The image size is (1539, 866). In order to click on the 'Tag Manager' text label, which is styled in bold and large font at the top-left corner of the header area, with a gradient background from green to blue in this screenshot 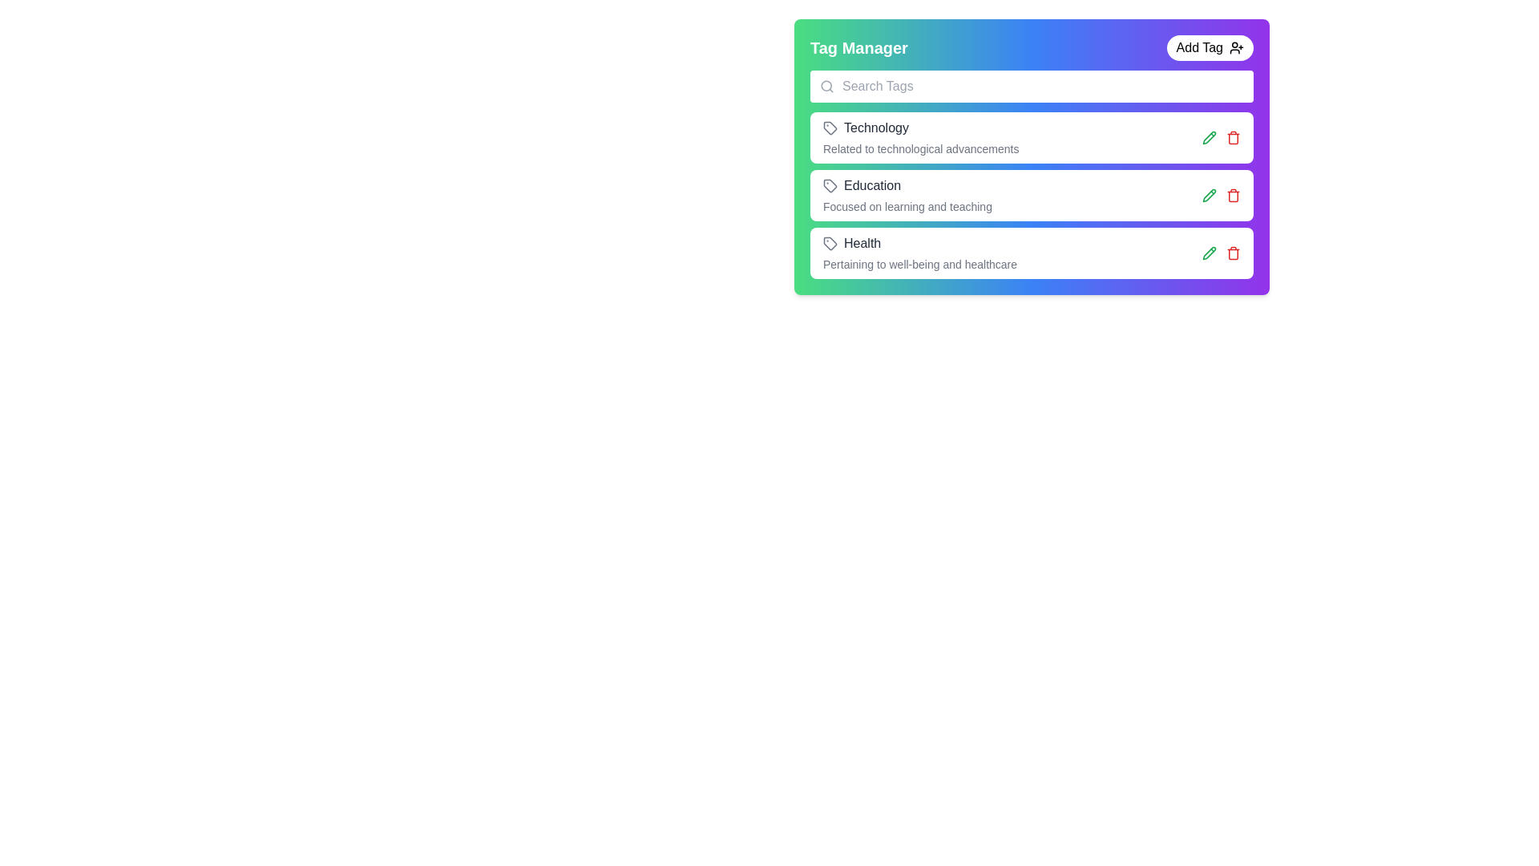, I will do `click(858, 47)`.